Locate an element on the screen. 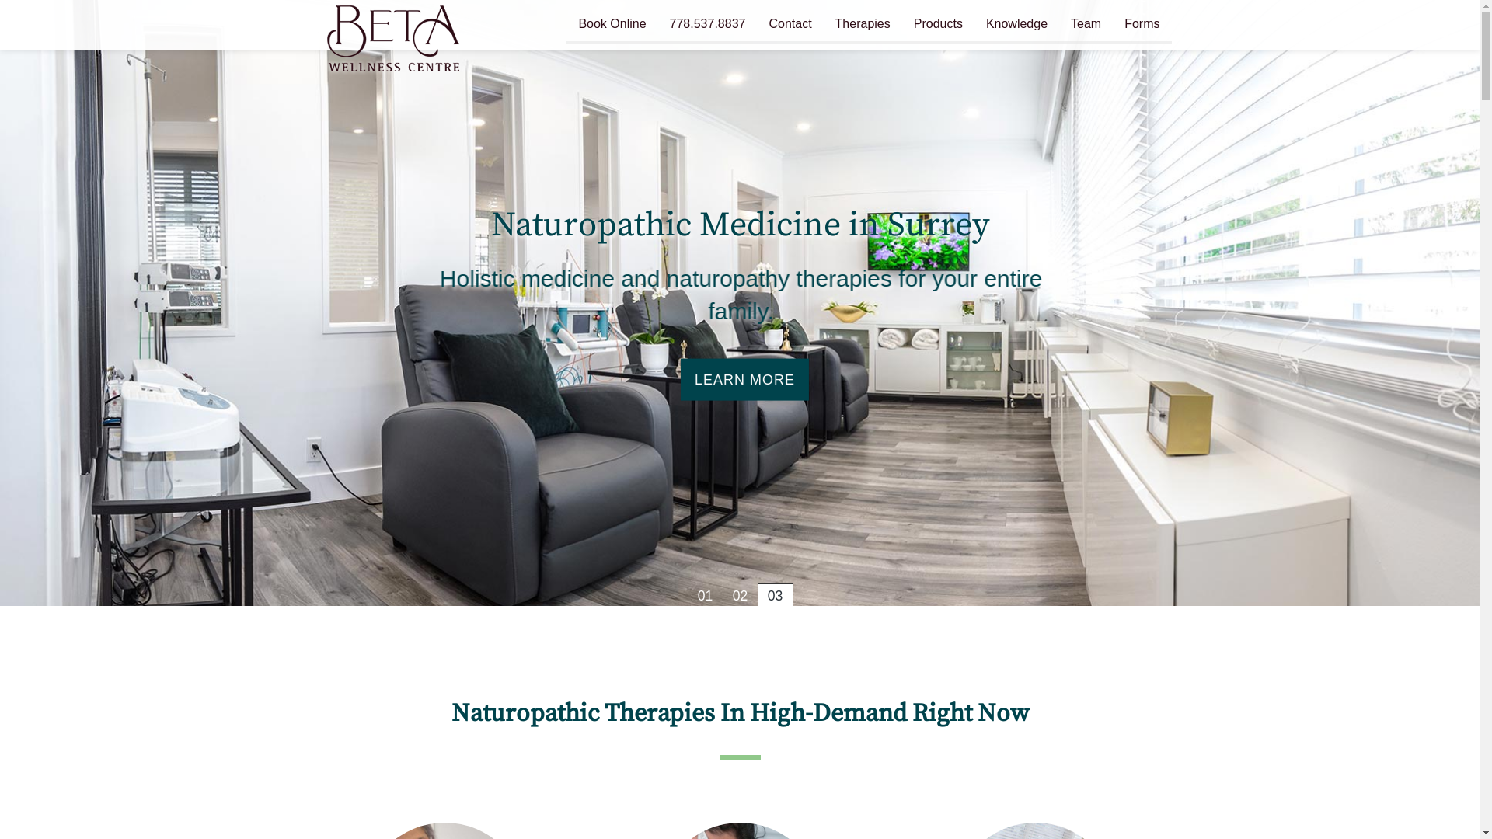  'WELCOME!' is located at coordinates (738, 379).